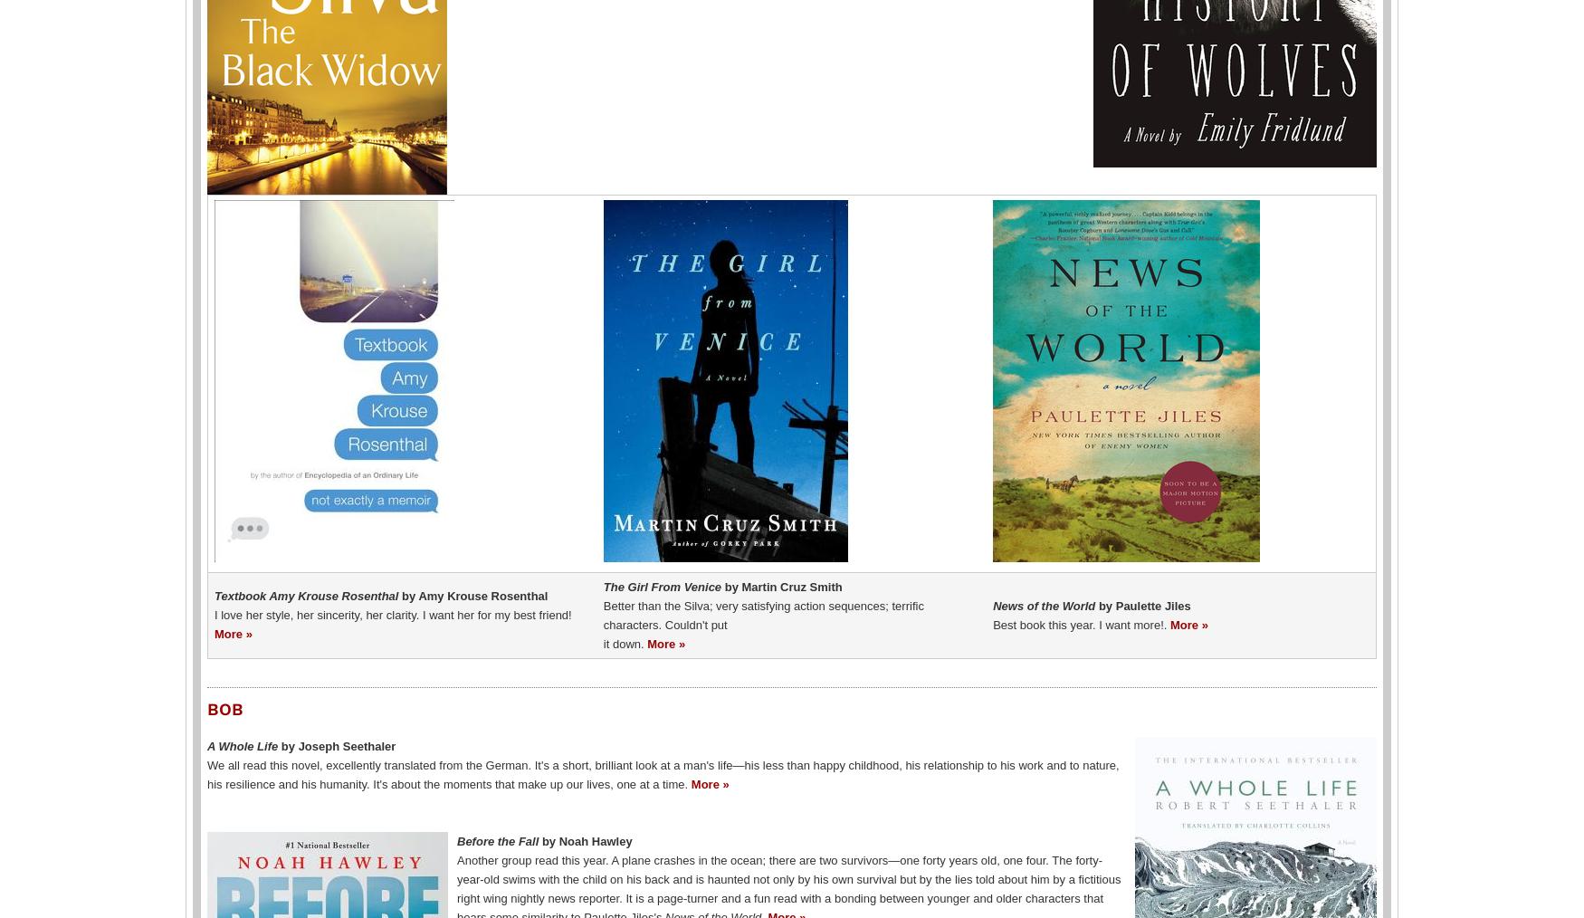 This screenshot has height=918, width=1584. What do you see at coordinates (207, 773) in the screenshot?
I see `'We all read this novel, excellently translated from the German. It's a short, brilliant look at a man's life—his less than happy childhood, his relationship to his work and to nature, his resilience and his humanity. It's about the moments that make up our lives, one at a time.'` at bounding box center [207, 773].